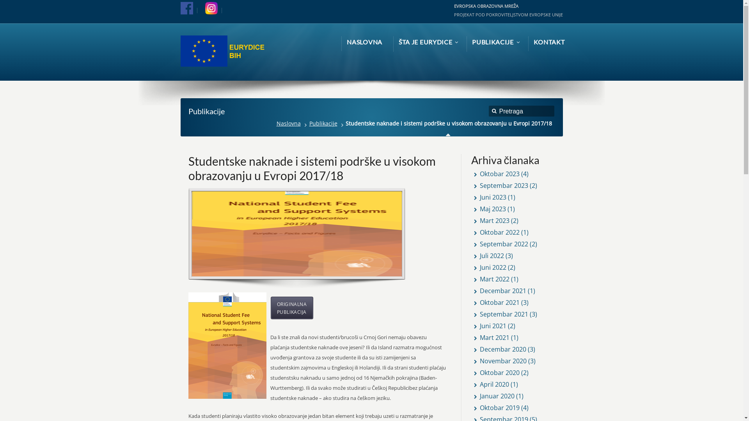  Describe the element at coordinates (479, 173) in the screenshot. I see `'Oktobar 2023'` at that location.